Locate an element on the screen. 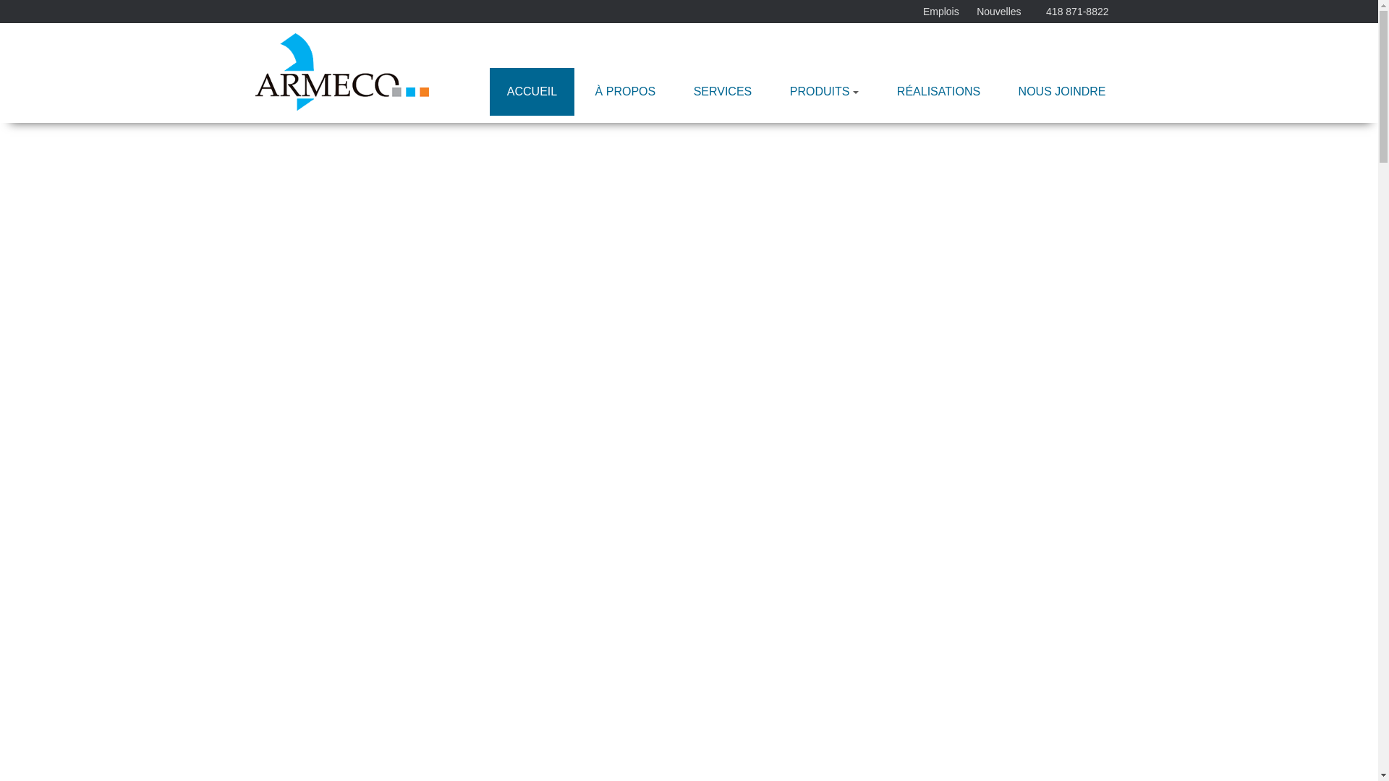  'PRODUITS' is located at coordinates (825, 92).